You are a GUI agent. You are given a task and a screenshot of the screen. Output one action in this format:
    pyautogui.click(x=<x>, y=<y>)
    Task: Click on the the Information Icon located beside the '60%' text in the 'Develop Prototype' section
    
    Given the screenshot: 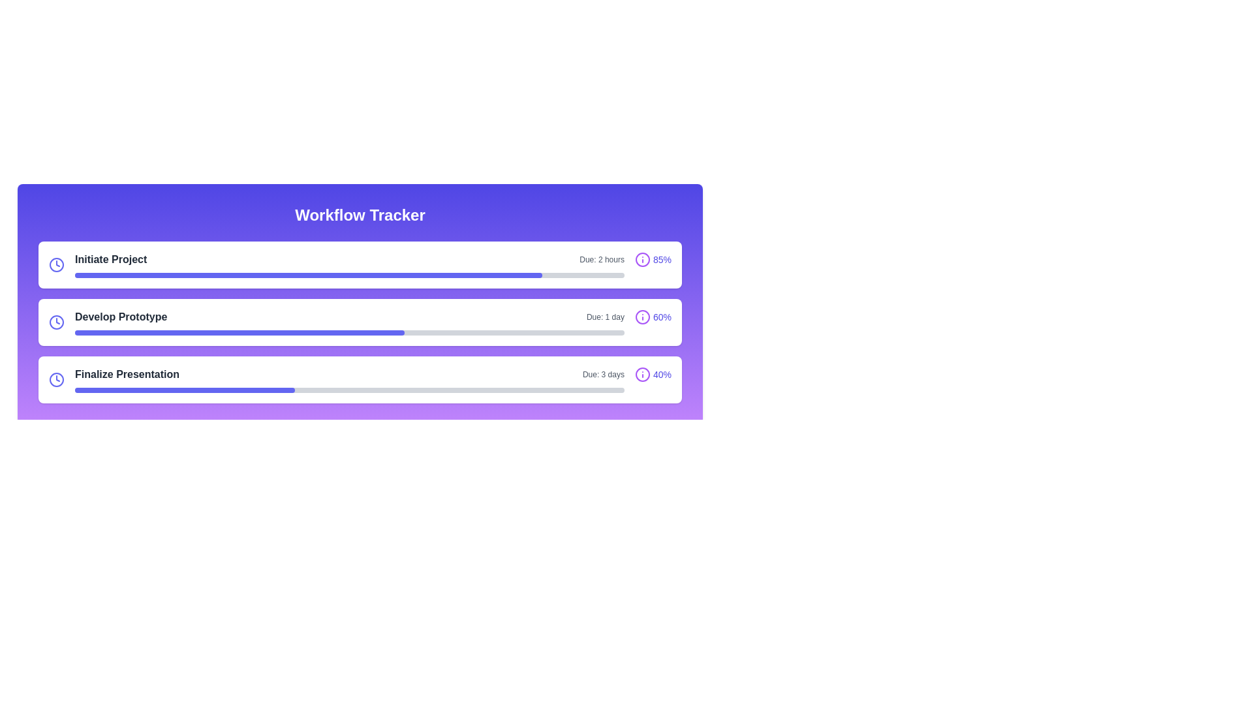 What is the action you would take?
    pyautogui.click(x=642, y=317)
    